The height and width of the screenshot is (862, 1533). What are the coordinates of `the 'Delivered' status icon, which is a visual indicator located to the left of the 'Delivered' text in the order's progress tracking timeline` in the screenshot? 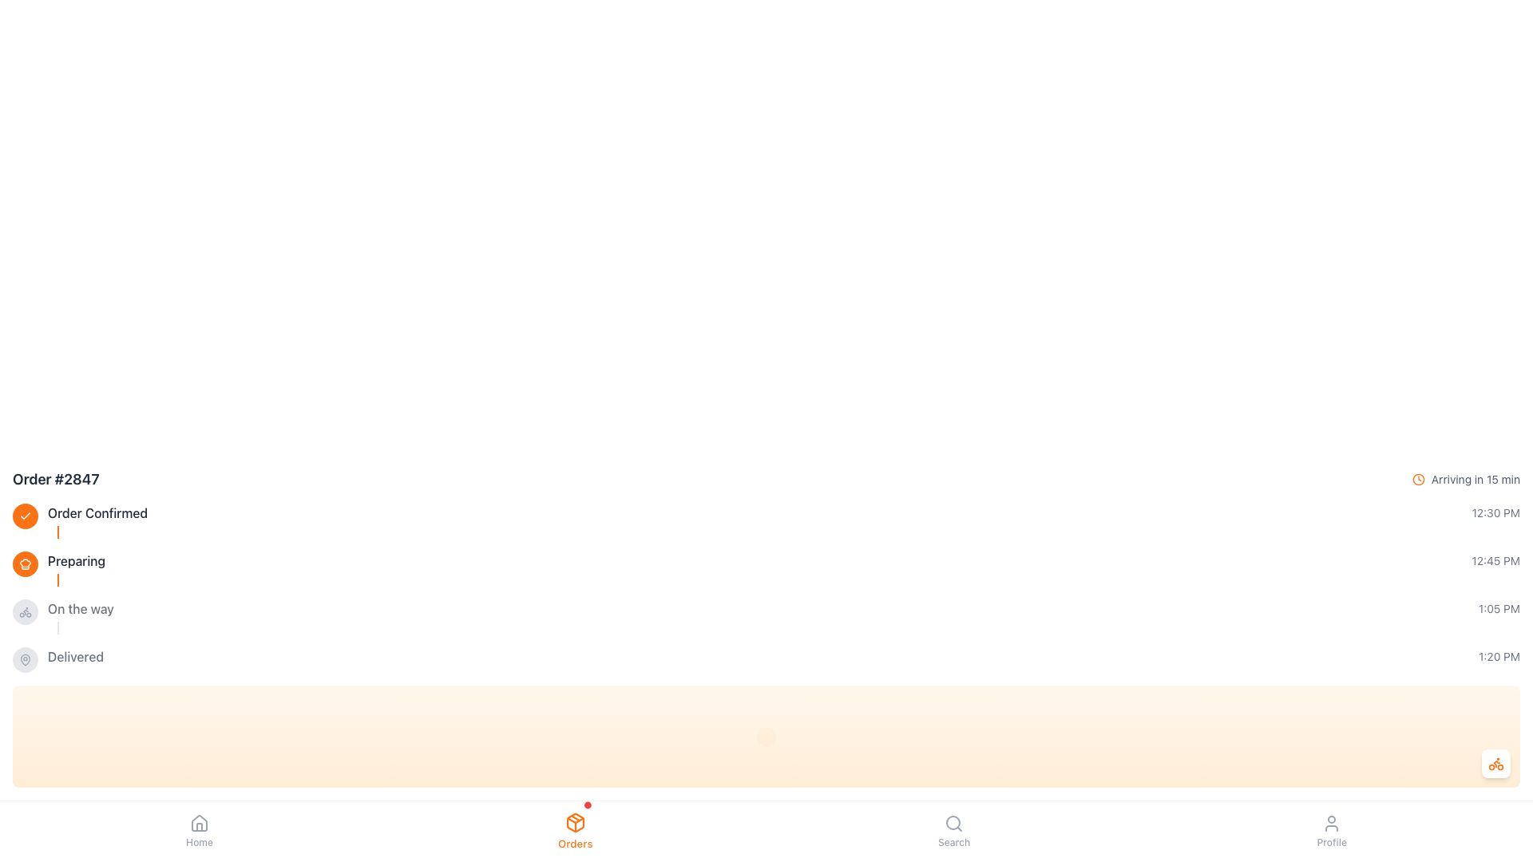 It's located at (26, 659).